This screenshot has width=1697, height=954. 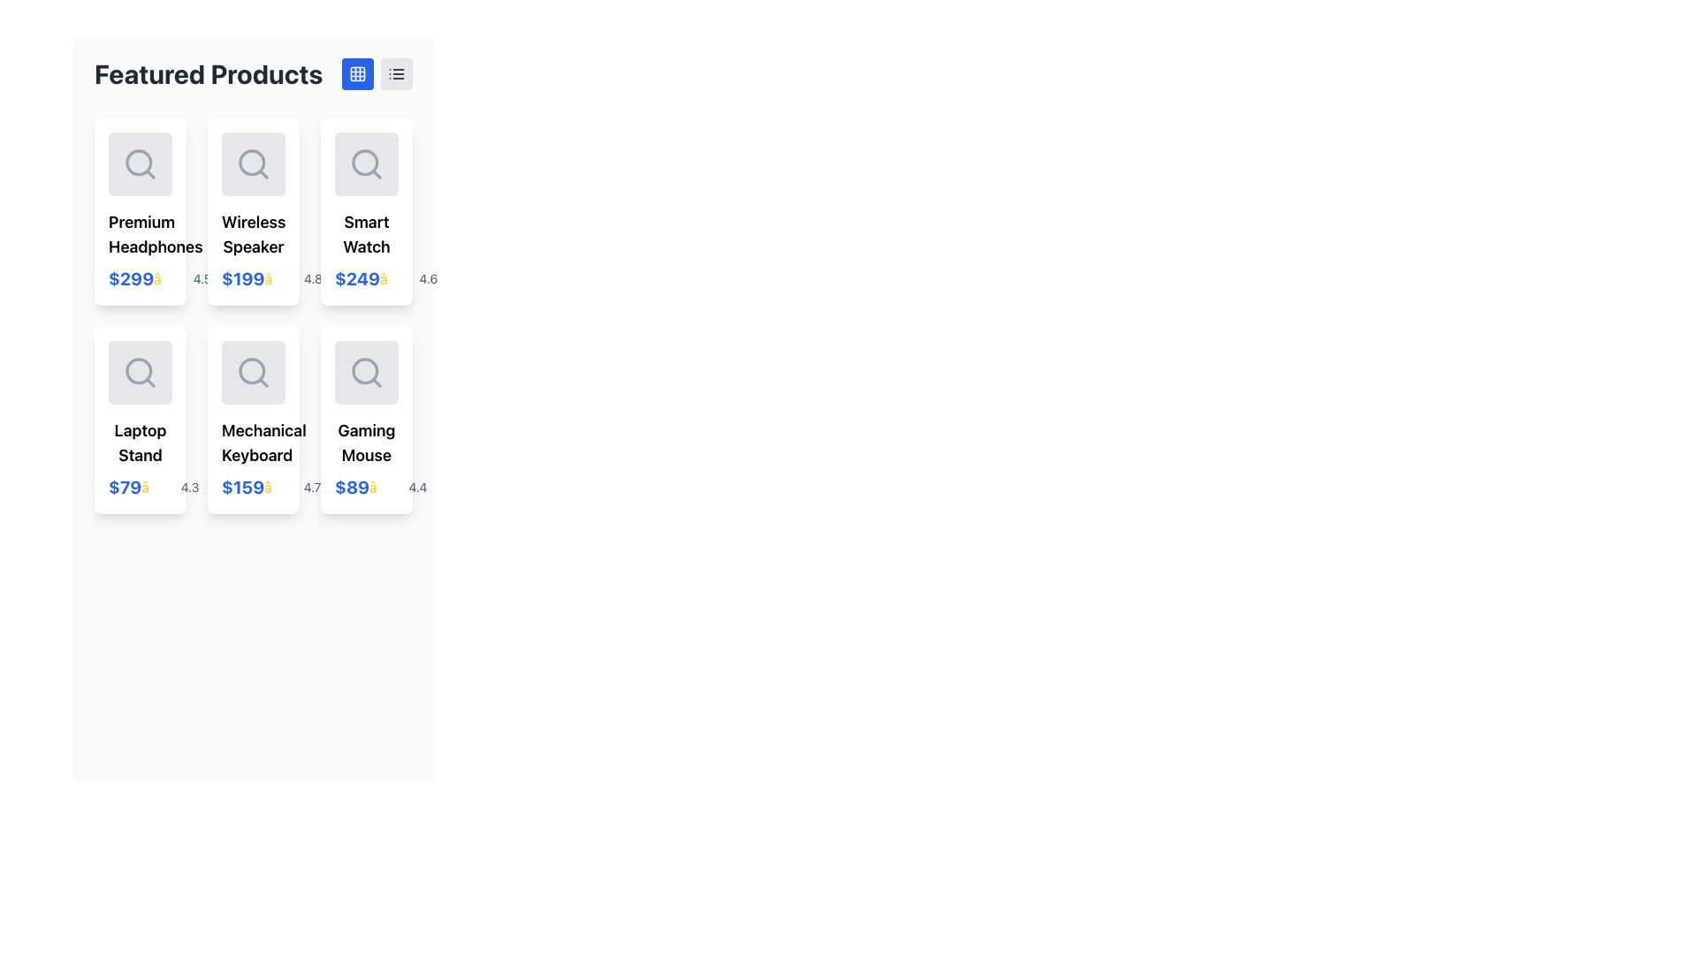 What do you see at coordinates (365, 234) in the screenshot?
I see `the Text Label that describes the product 'Smart Watch', located in the middle cell of the top row of the grid layout, situated directly beneath the image placeholder and above the blue price label and yellow star icon` at bounding box center [365, 234].